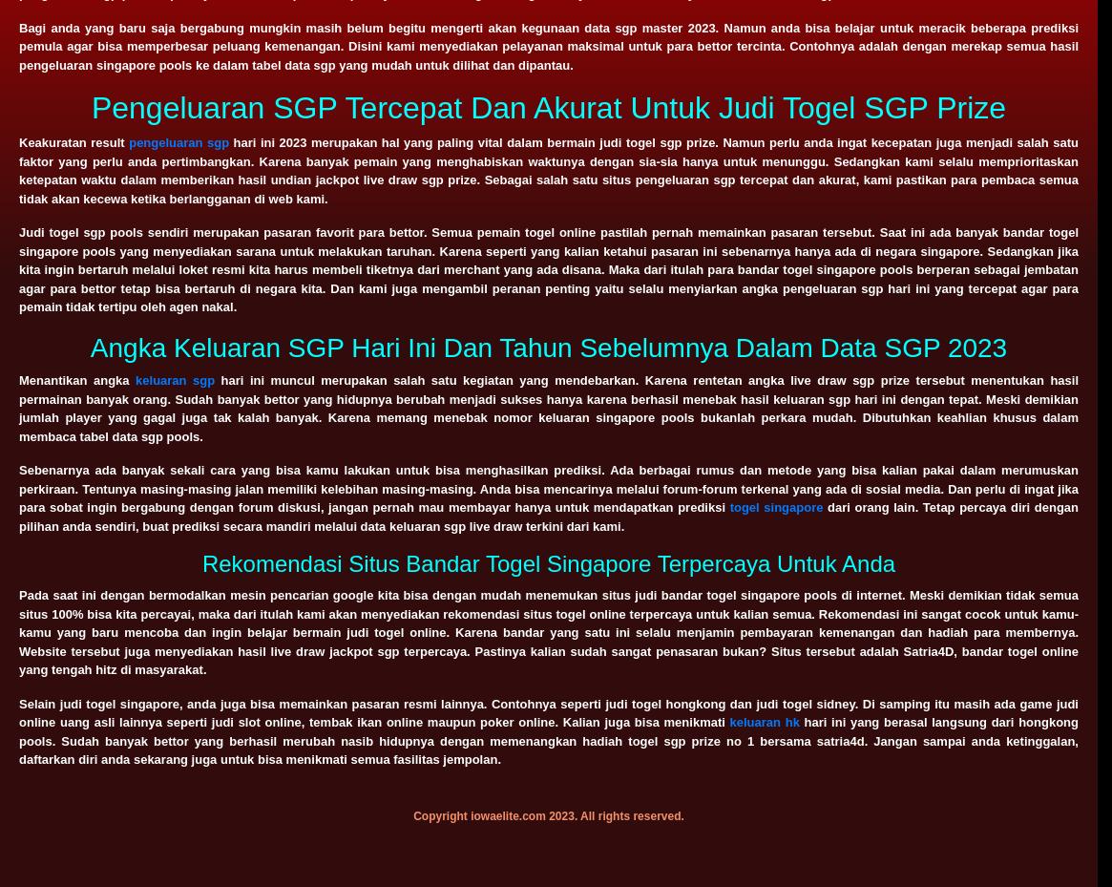 This screenshot has width=1112, height=887. What do you see at coordinates (73, 142) in the screenshot?
I see `'Keakuratan result'` at bounding box center [73, 142].